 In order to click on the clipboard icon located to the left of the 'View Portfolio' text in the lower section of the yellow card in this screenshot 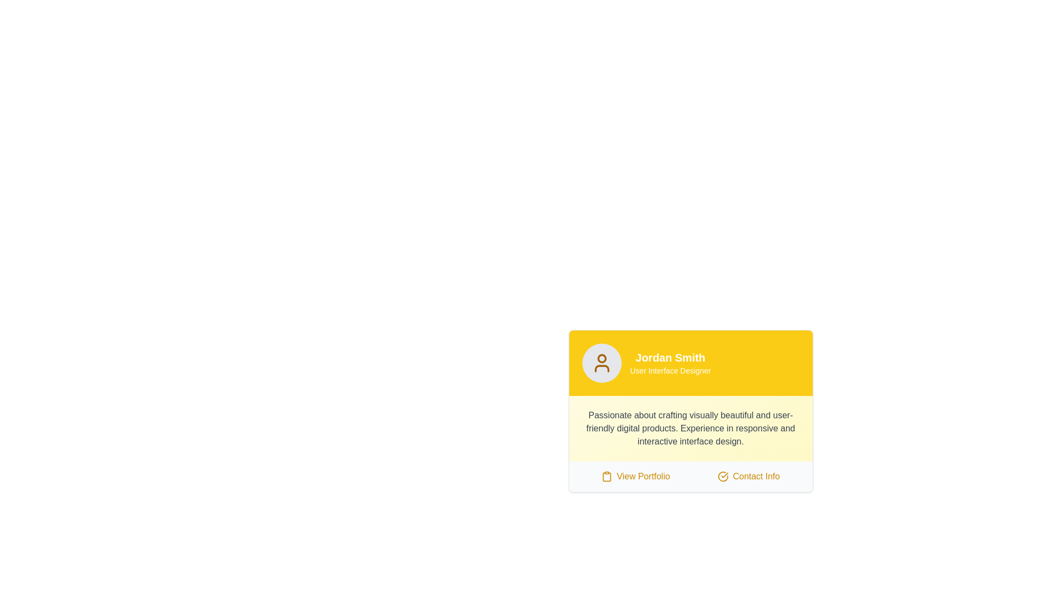, I will do `click(606, 476)`.